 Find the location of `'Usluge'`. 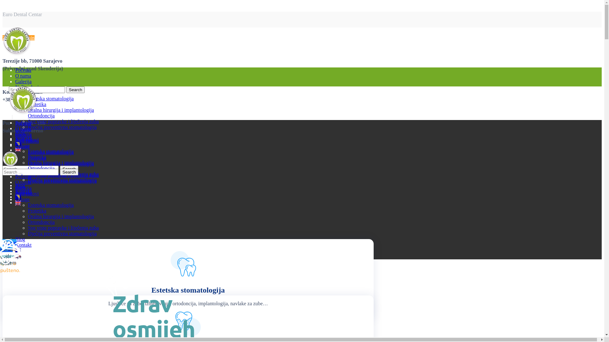

'Usluge' is located at coordinates (22, 147).